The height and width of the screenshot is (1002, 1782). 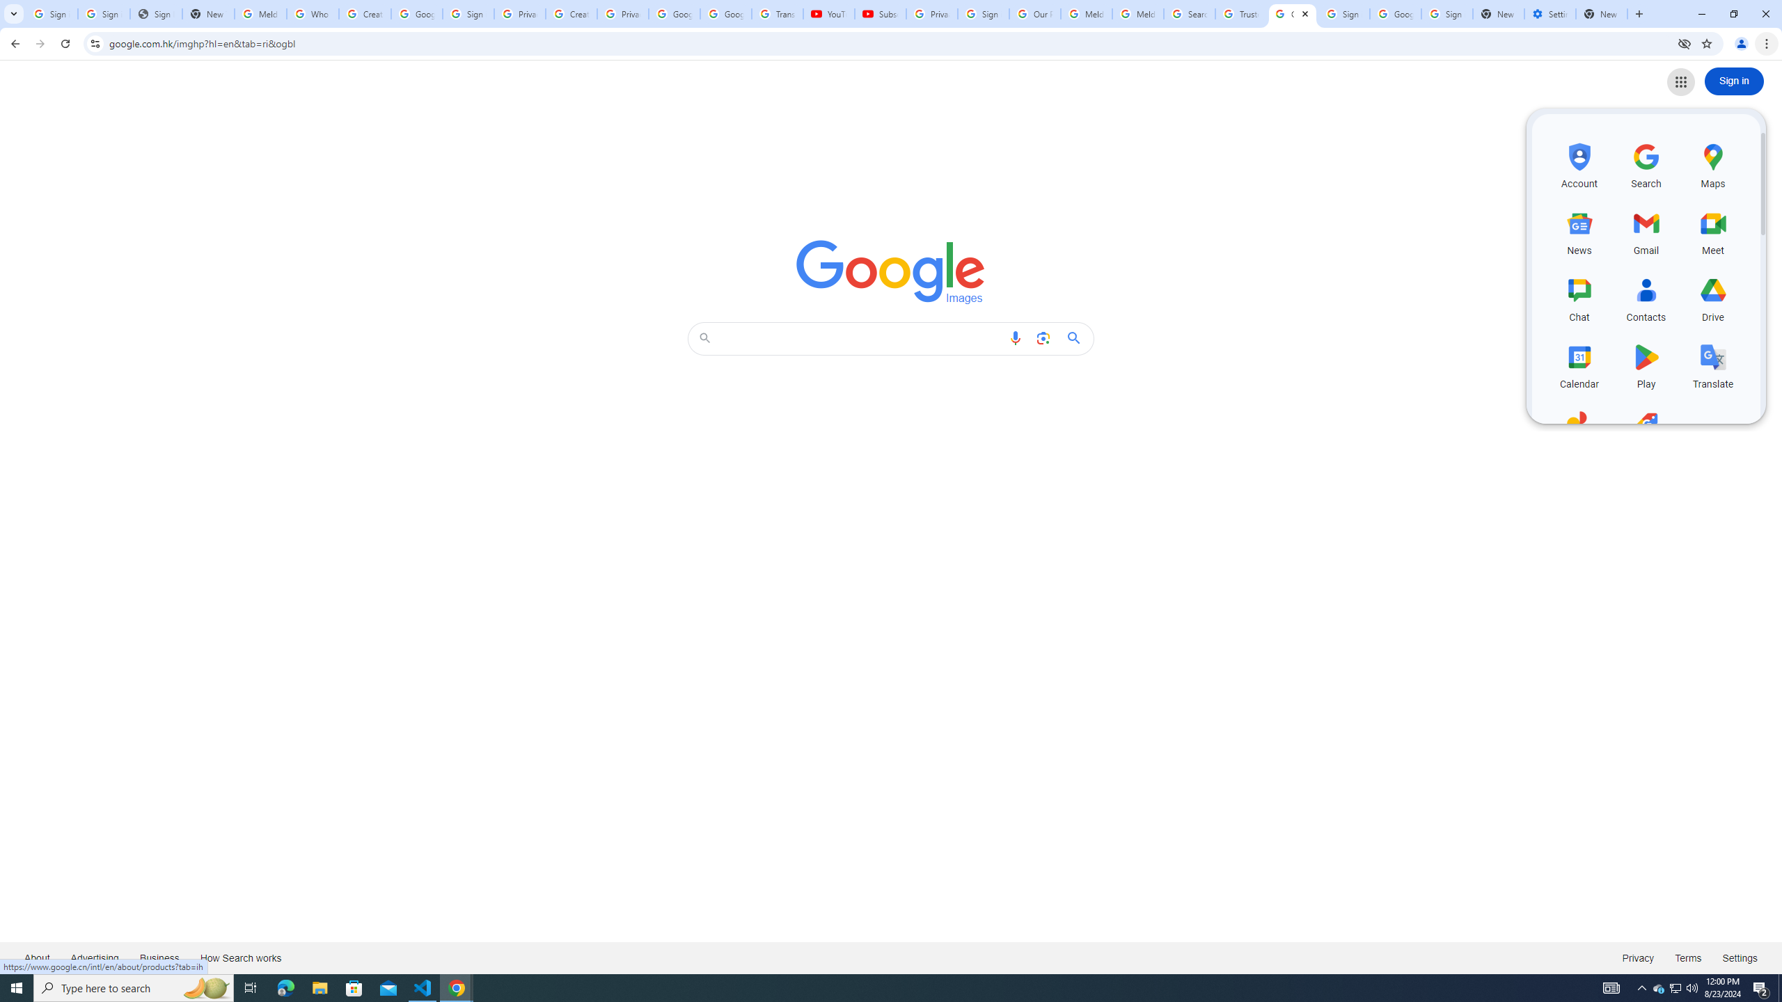 What do you see at coordinates (879, 13) in the screenshot?
I see `'Subscriptions - YouTube'` at bounding box center [879, 13].